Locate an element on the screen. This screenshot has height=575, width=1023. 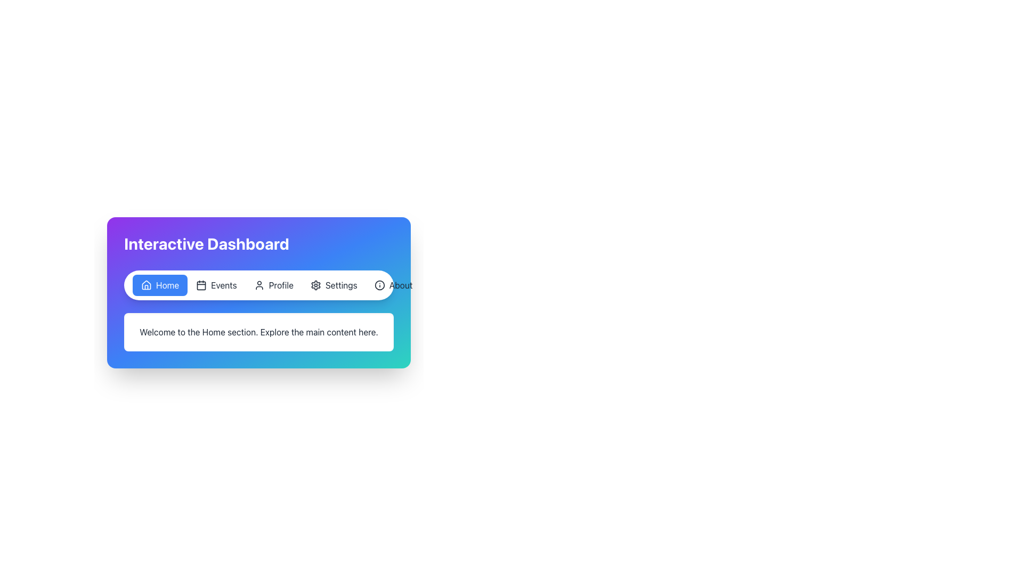
the settings icon located in the navigation bar adjacent to the 'Settings' text label is located at coordinates (315, 285).